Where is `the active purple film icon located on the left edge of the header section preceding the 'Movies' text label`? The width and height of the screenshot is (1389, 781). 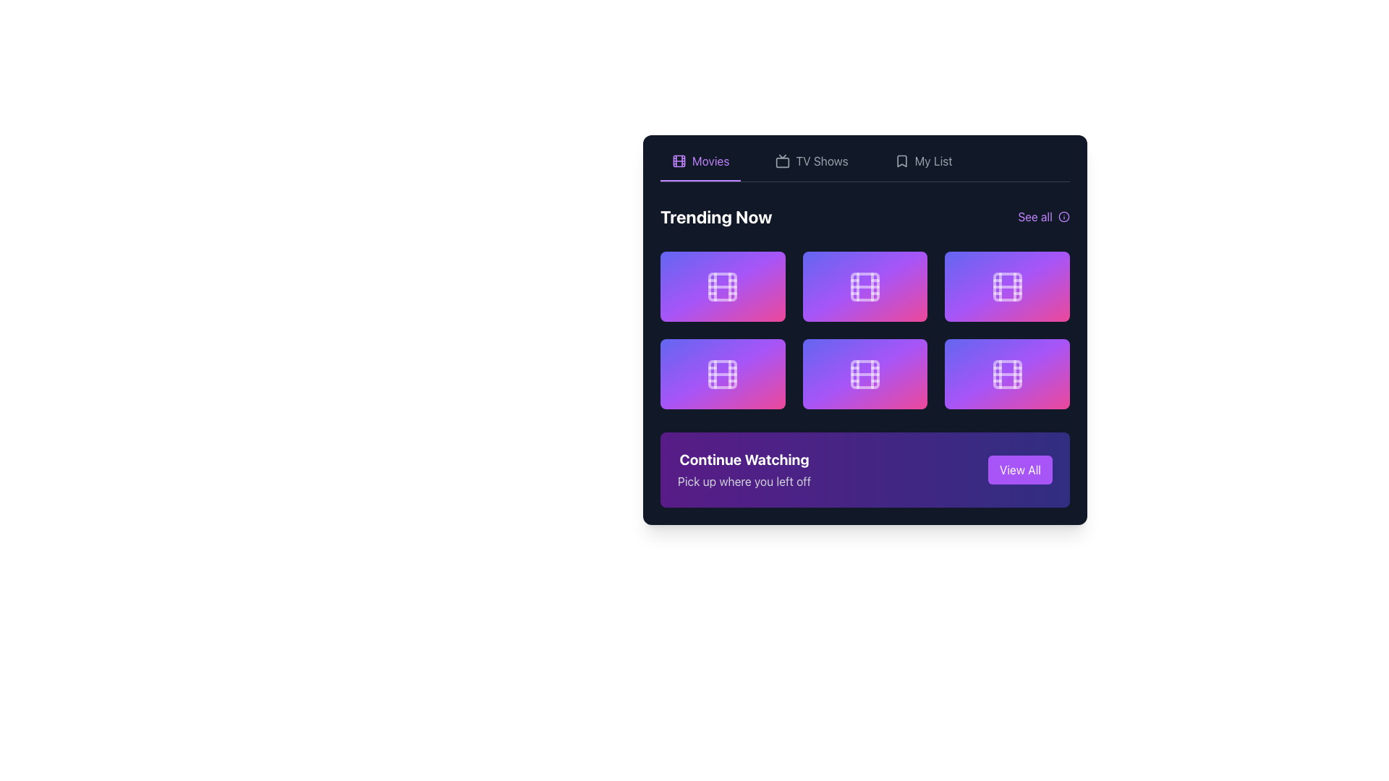 the active purple film icon located on the left edge of the header section preceding the 'Movies' text label is located at coordinates (679, 161).